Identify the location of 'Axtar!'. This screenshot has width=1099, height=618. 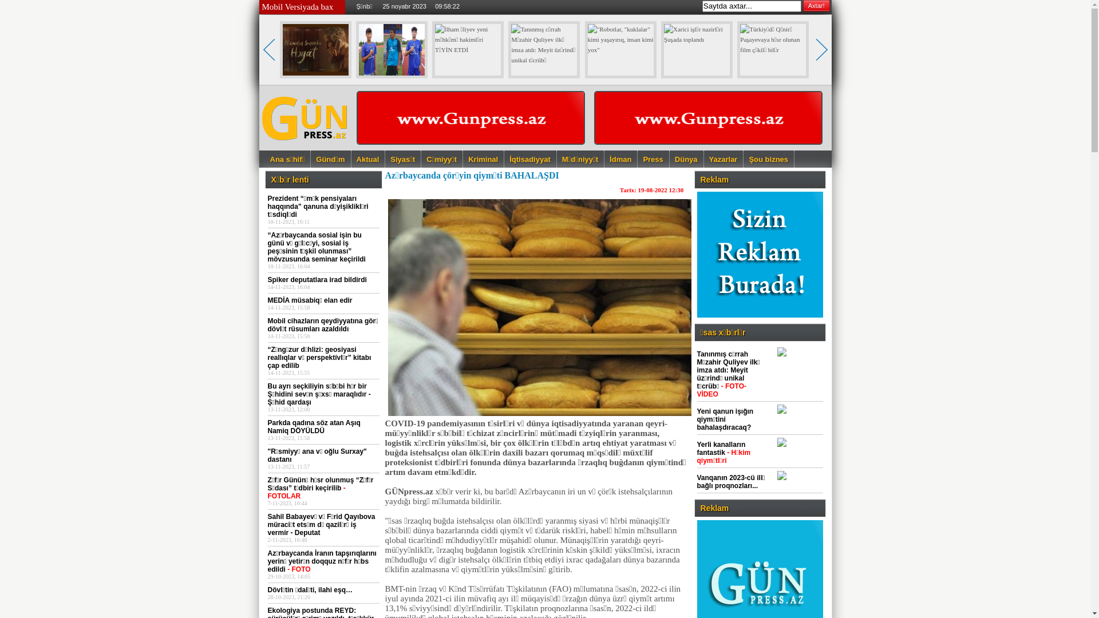
(802, 6).